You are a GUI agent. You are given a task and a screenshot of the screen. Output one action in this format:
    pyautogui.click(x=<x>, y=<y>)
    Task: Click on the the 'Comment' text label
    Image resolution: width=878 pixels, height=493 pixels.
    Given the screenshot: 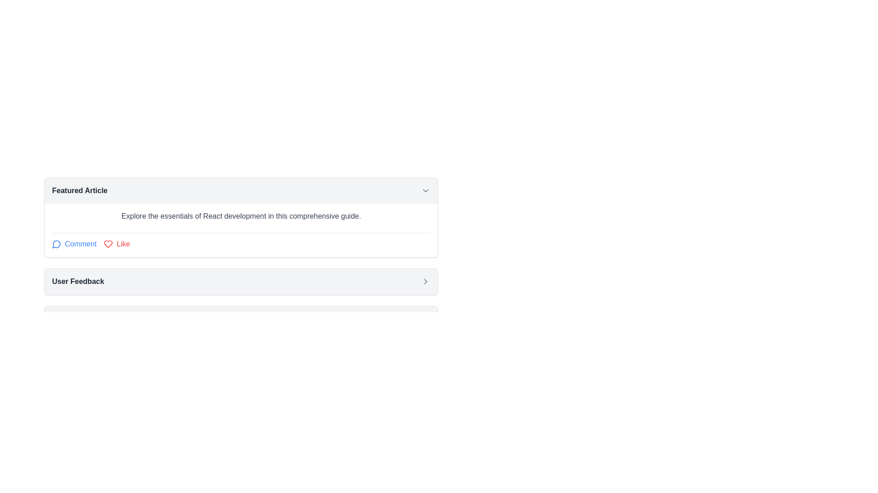 What is the action you would take?
    pyautogui.click(x=80, y=244)
    